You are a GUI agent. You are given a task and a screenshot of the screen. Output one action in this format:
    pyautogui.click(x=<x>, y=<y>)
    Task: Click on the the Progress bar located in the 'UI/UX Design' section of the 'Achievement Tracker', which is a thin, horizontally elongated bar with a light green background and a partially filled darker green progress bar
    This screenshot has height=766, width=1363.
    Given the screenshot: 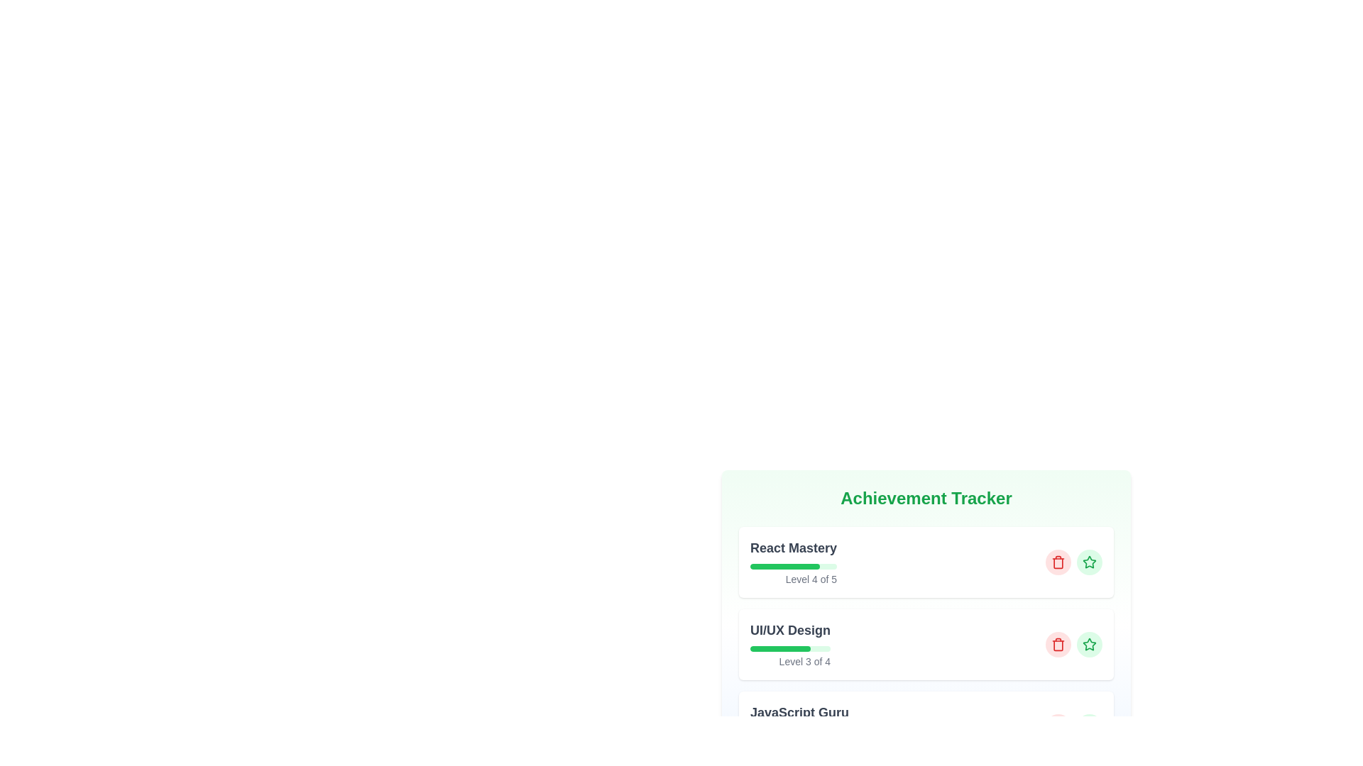 What is the action you would take?
    pyautogui.click(x=789, y=648)
    